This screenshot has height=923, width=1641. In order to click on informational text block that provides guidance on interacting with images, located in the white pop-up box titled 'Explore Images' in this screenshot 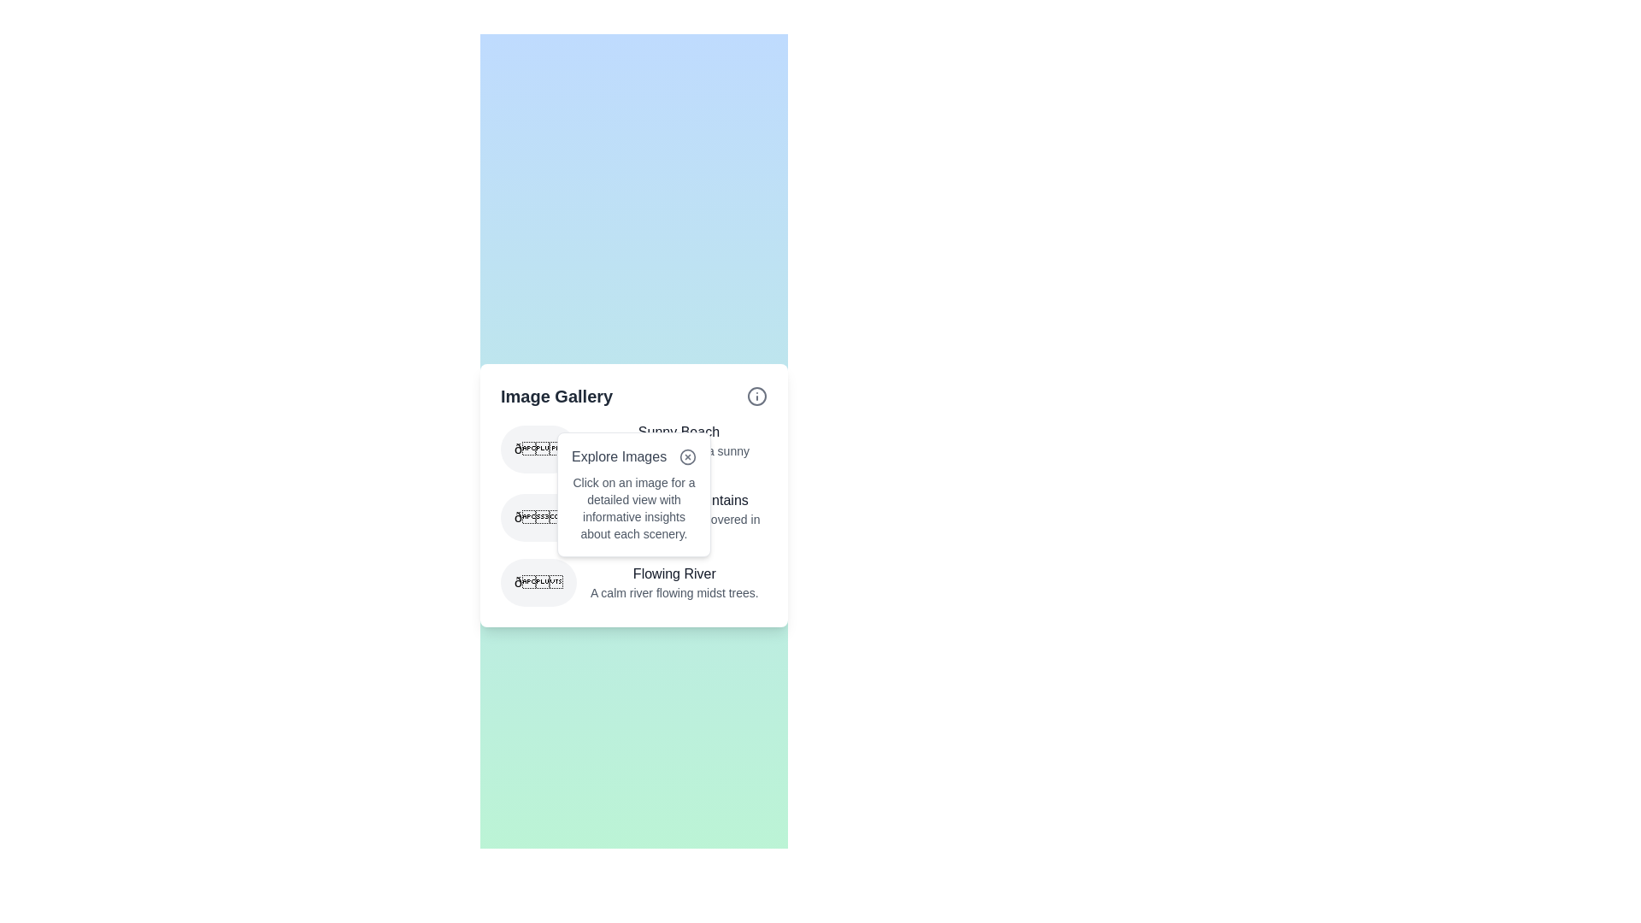, I will do `click(633, 507)`.